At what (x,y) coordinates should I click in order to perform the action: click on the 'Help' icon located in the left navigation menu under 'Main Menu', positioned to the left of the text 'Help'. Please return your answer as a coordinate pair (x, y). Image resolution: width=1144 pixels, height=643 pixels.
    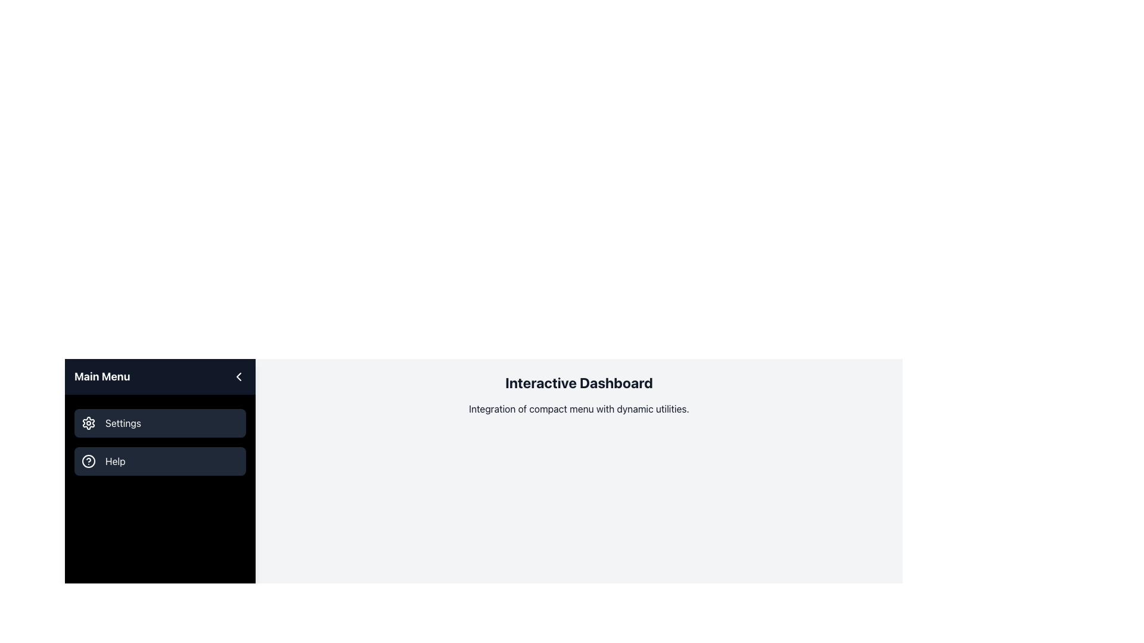
    Looking at the image, I should click on (88, 461).